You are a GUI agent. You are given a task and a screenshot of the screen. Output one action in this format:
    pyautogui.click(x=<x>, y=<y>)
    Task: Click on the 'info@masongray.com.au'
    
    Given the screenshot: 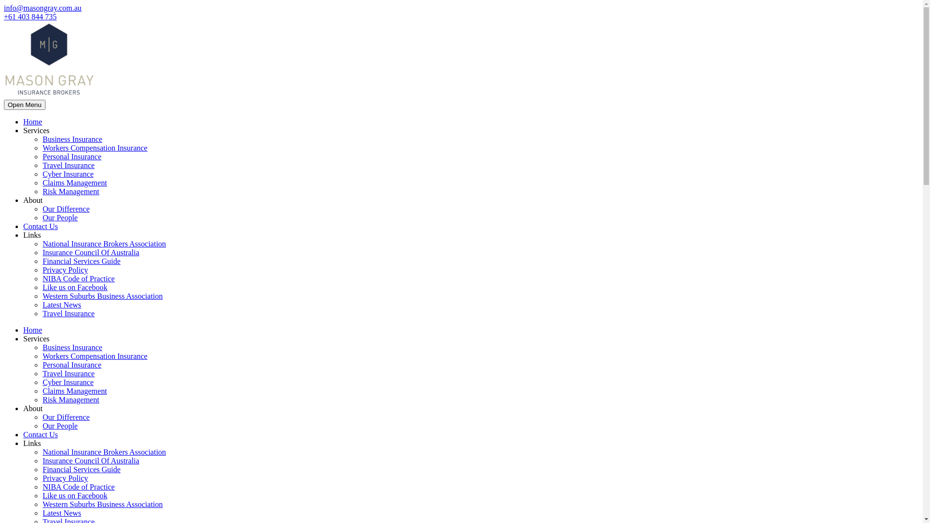 What is the action you would take?
    pyautogui.click(x=42, y=8)
    